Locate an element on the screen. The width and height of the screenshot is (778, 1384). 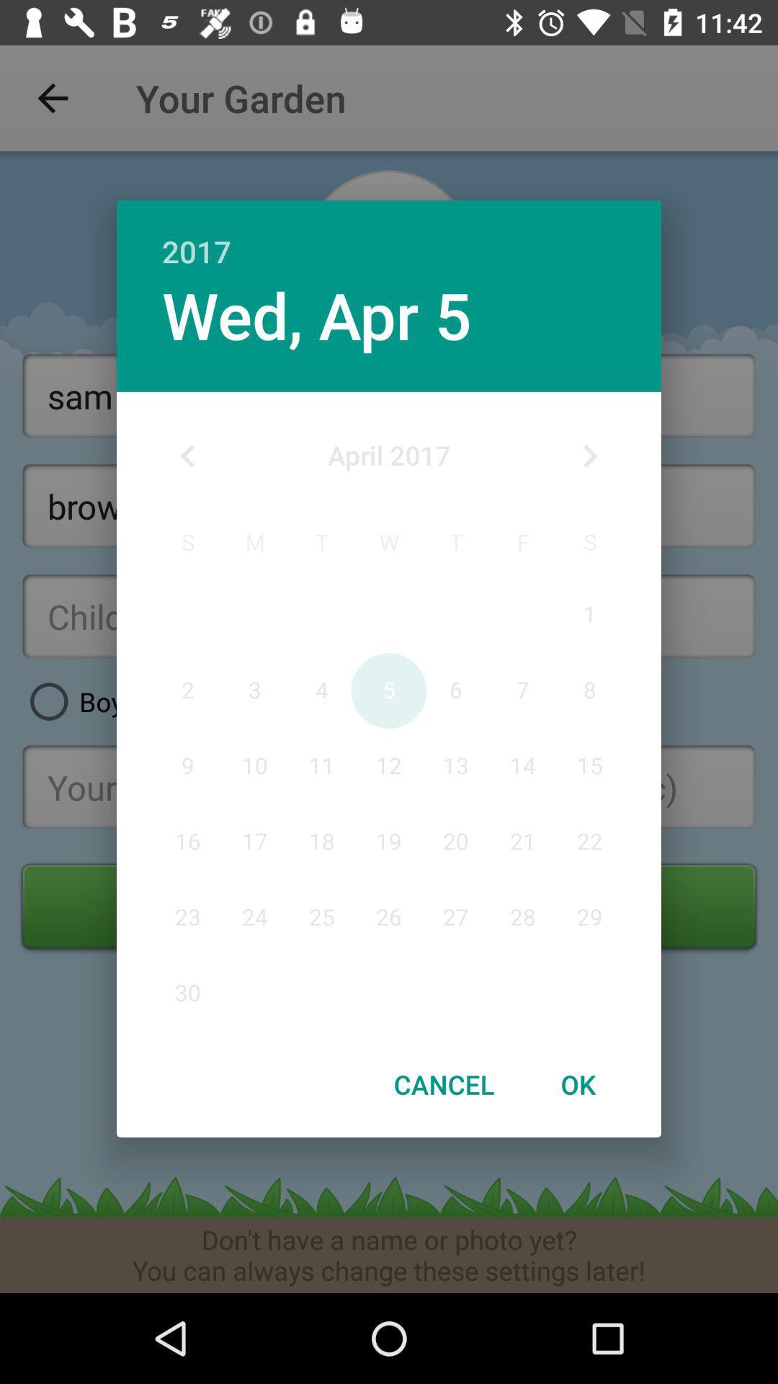
icon at the top left corner is located at coordinates (187, 456).